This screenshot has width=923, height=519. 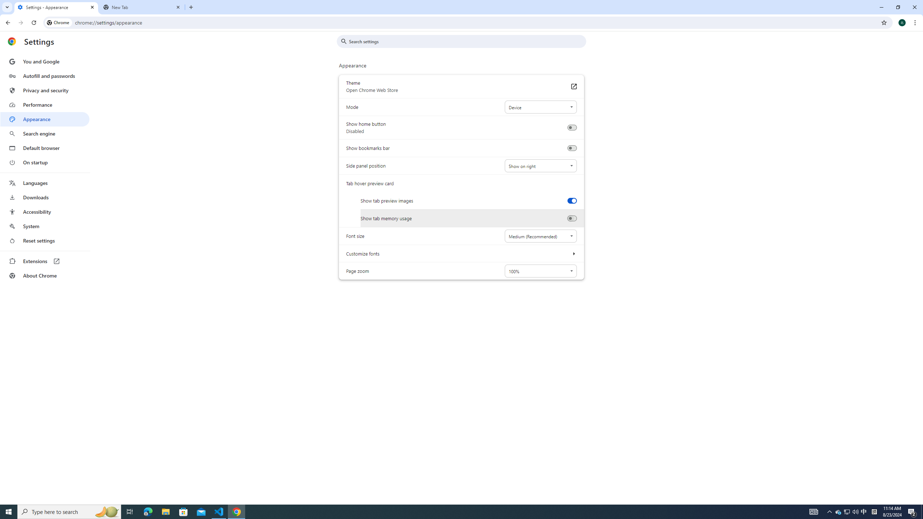 I want to click on 'Performance', so click(x=44, y=105).